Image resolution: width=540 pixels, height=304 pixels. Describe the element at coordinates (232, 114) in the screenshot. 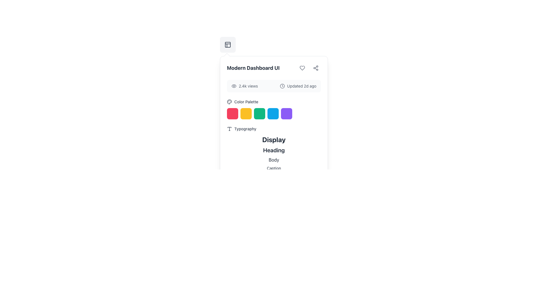

I see `the first square in the Color Palette section for selection` at that location.